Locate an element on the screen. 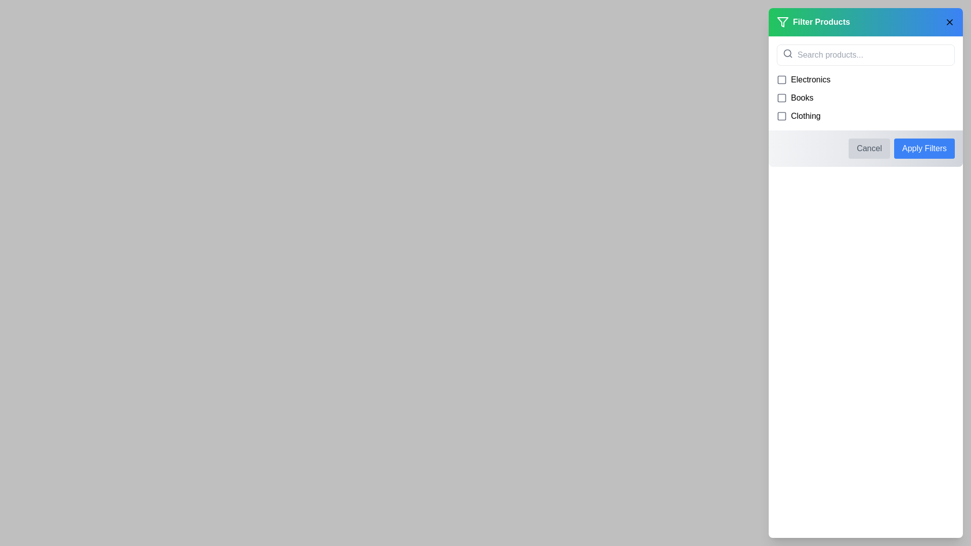  the checkbox indicator for selecting the 'Clothing' filter option is located at coordinates (781, 116).